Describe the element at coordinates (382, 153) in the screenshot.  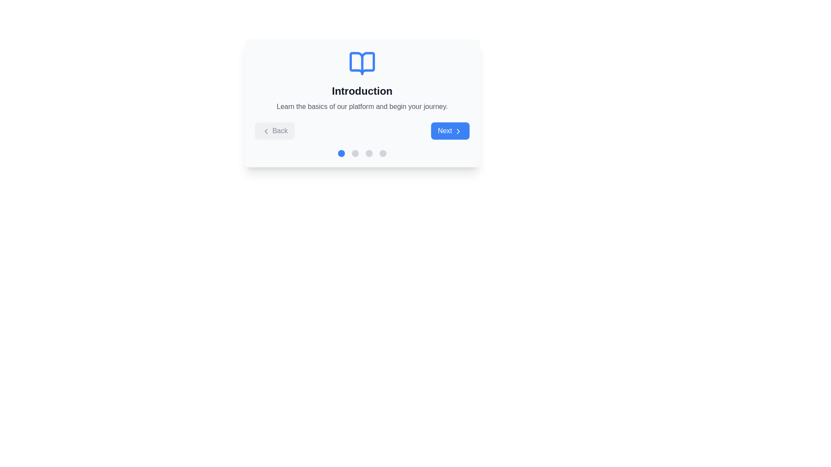
I see `the fourth progress indicator, which visually represents the user's stage in a sequence, located centered horizontally within the card and towards its lower edge` at that location.